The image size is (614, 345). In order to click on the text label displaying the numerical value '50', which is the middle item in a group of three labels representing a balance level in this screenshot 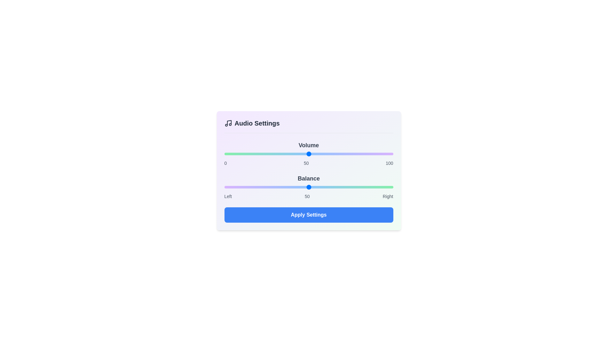, I will do `click(306, 163)`.